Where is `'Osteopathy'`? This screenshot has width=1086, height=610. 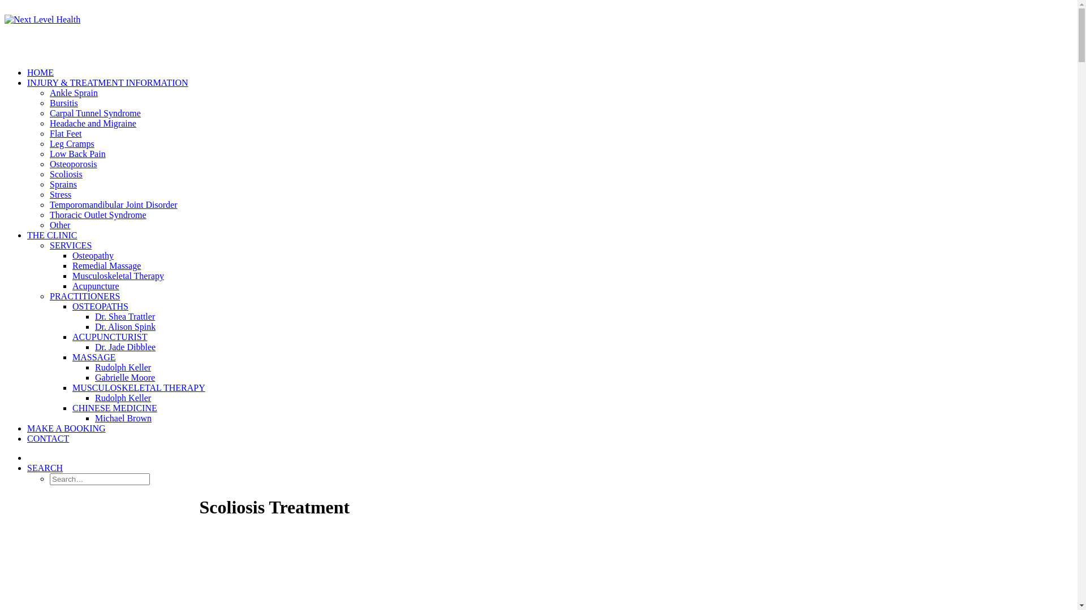
'Osteopathy' is located at coordinates (93, 255).